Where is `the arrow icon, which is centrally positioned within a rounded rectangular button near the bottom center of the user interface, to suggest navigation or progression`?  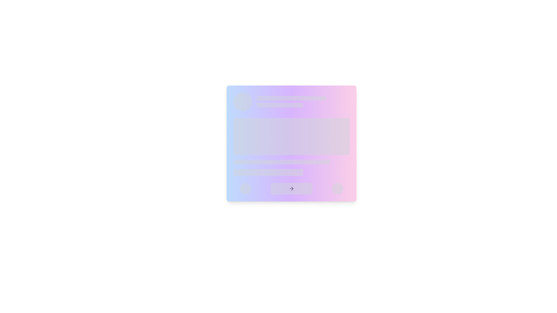
the arrow icon, which is centrally positioned within a rounded rectangular button near the bottom center of the user interface, to suggest navigation or progression is located at coordinates (291, 189).